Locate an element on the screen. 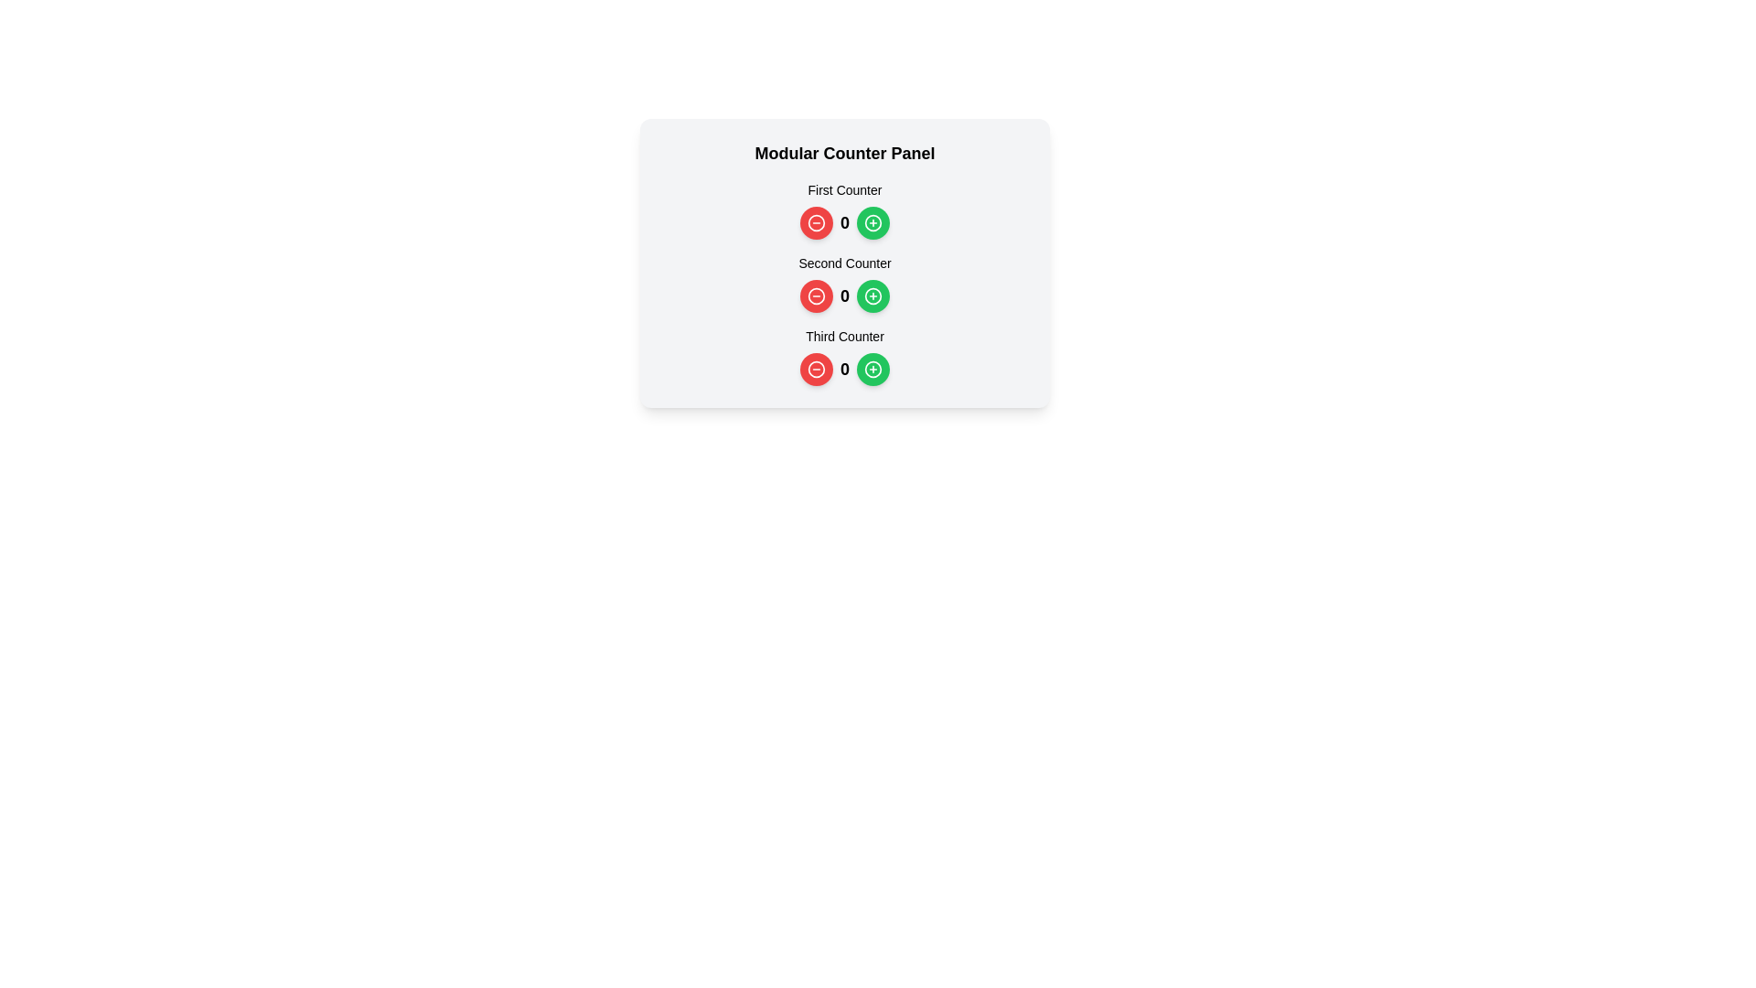 This screenshot has height=988, width=1756. the circular decrement button located to the immediate left of the counter value in the second row of the modular counter panel is located at coordinates (815, 295).